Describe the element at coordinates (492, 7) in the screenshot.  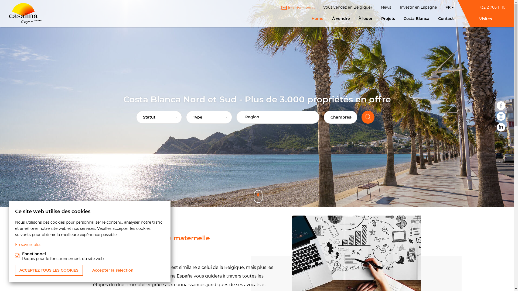
I see `'+32 2 705 11 10'` at that location.